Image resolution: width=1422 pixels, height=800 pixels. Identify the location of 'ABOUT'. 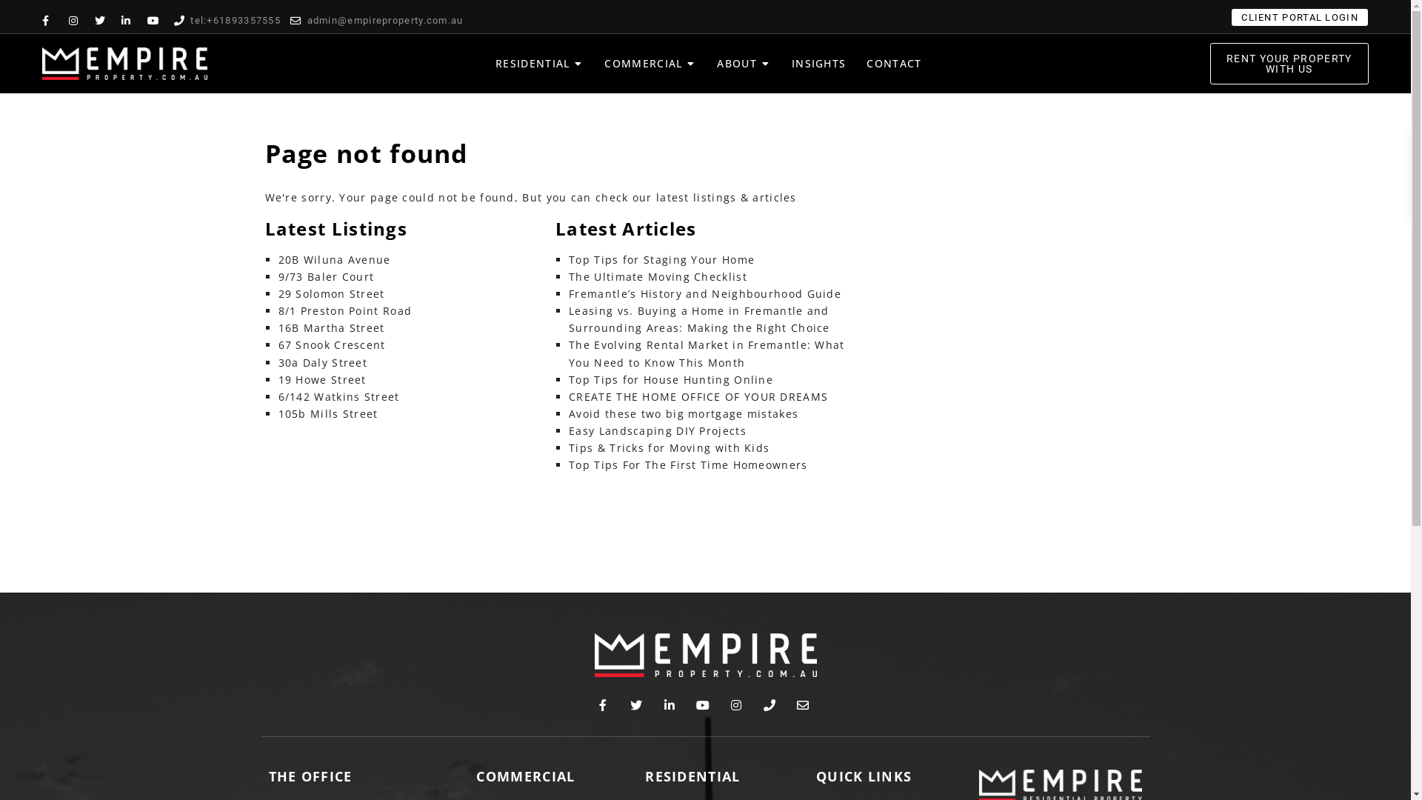
(717, 62).